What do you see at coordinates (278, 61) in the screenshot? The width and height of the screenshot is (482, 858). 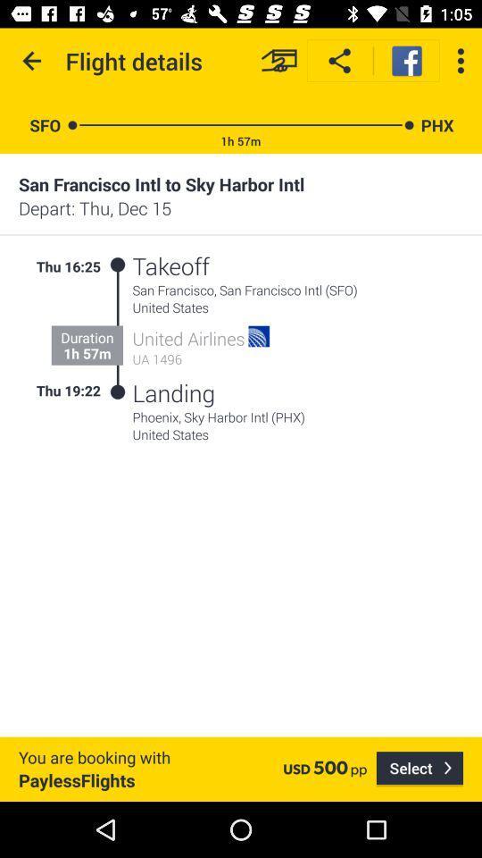 I see `item next to flight details` at bounding box center [278, 61].